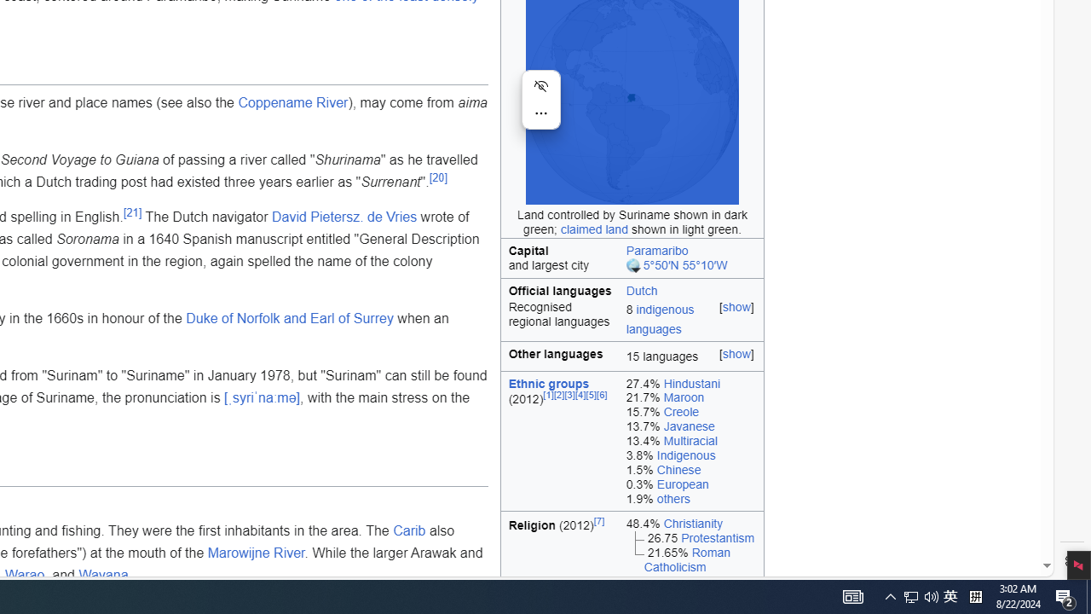 The height and width of the screenshot is (614, 1091). What do you see at coordinates (690, 484) in the screenshot?
I see `'0.3% European'` at bounding box center [690, 484].